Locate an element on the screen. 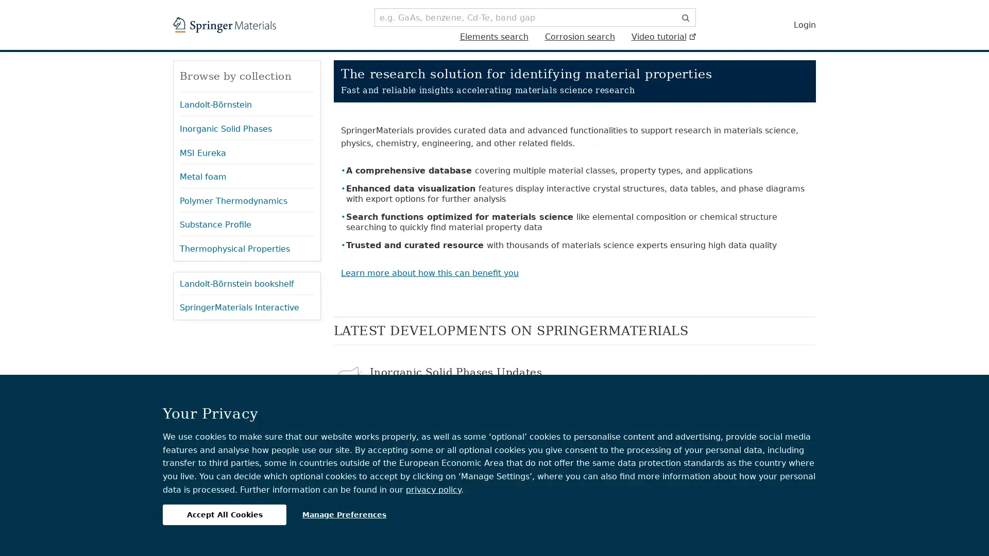 This screenshot has height=556, width=989. Accept All Cookies is located at coordinates (224, 514).